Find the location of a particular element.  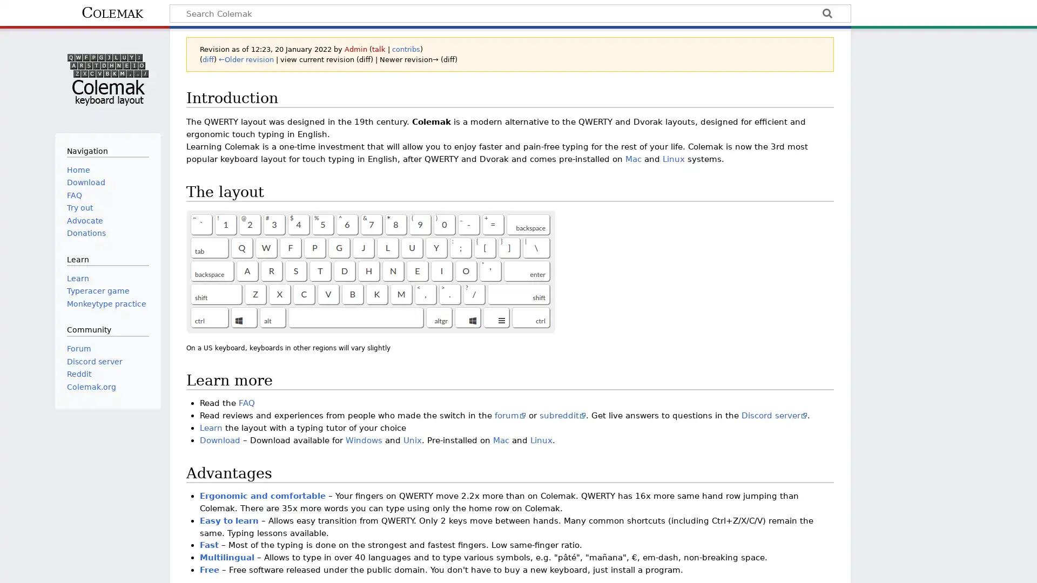

Go is located at coordinates (826, 15).